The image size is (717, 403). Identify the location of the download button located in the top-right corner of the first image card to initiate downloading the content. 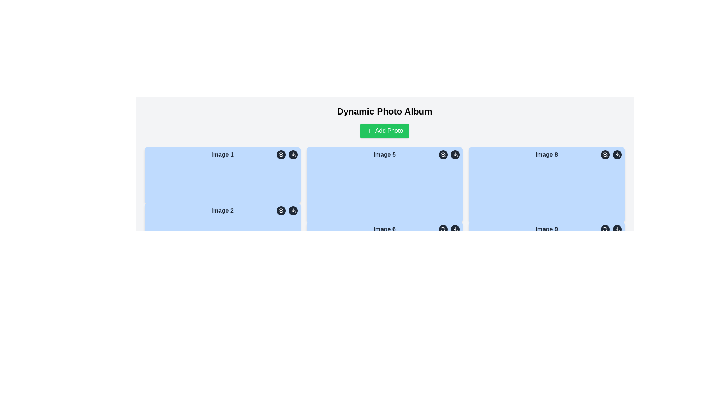
(293, 154).